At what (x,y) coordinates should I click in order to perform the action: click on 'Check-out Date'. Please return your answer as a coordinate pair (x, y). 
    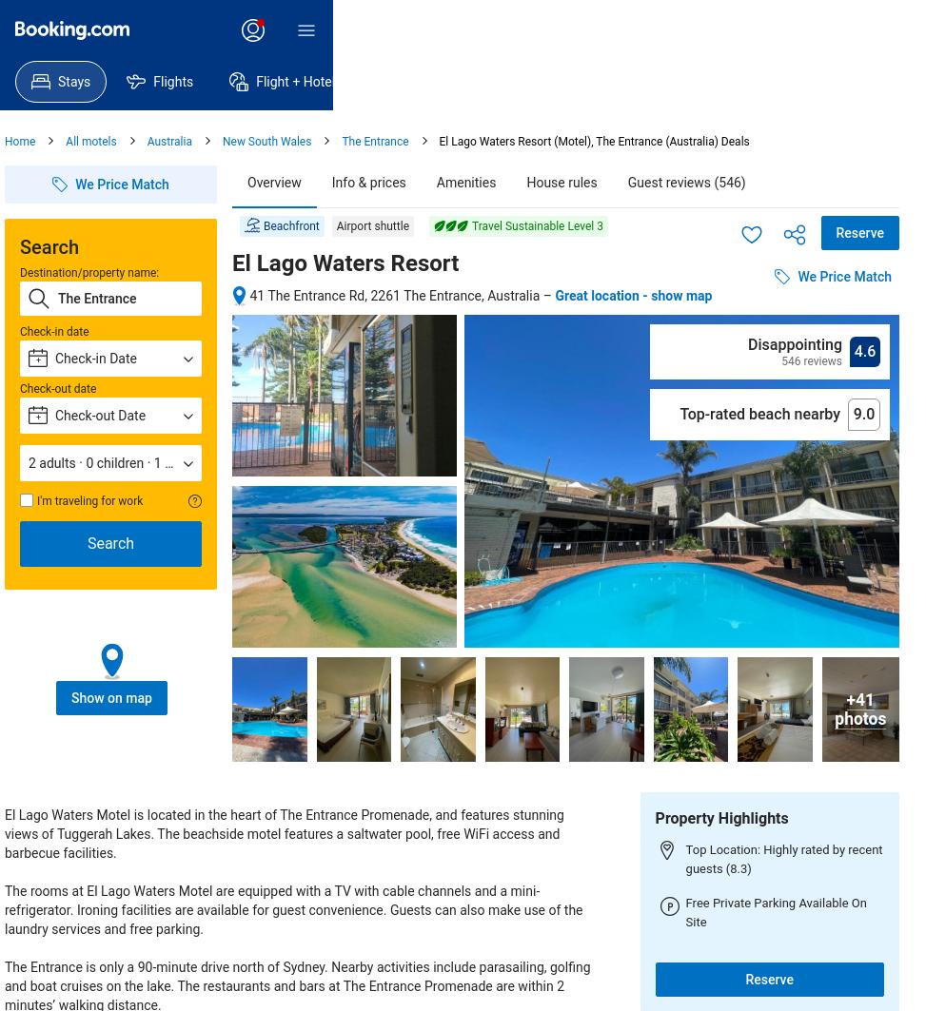
    Looking at the image, I should click on (99, 415).